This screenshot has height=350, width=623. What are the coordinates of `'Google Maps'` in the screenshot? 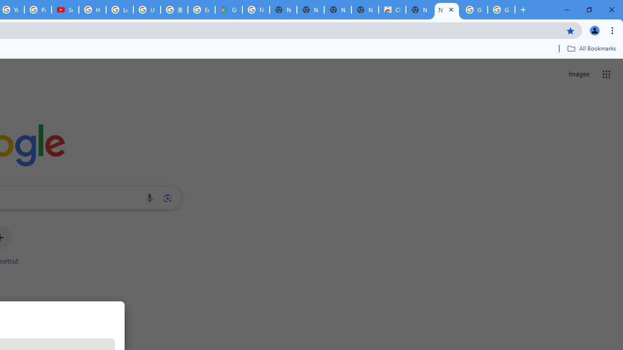 It's located at (228, 10).